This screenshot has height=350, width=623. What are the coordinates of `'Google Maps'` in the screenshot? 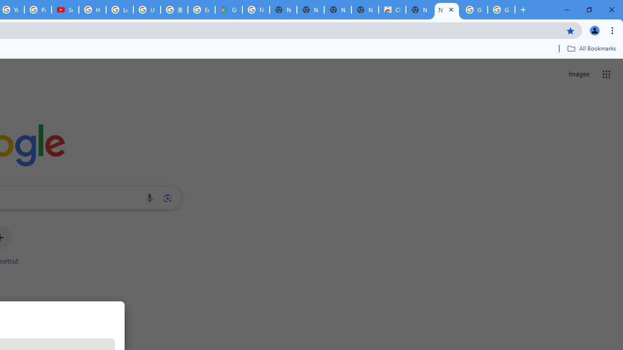 It's located at (228, 10).